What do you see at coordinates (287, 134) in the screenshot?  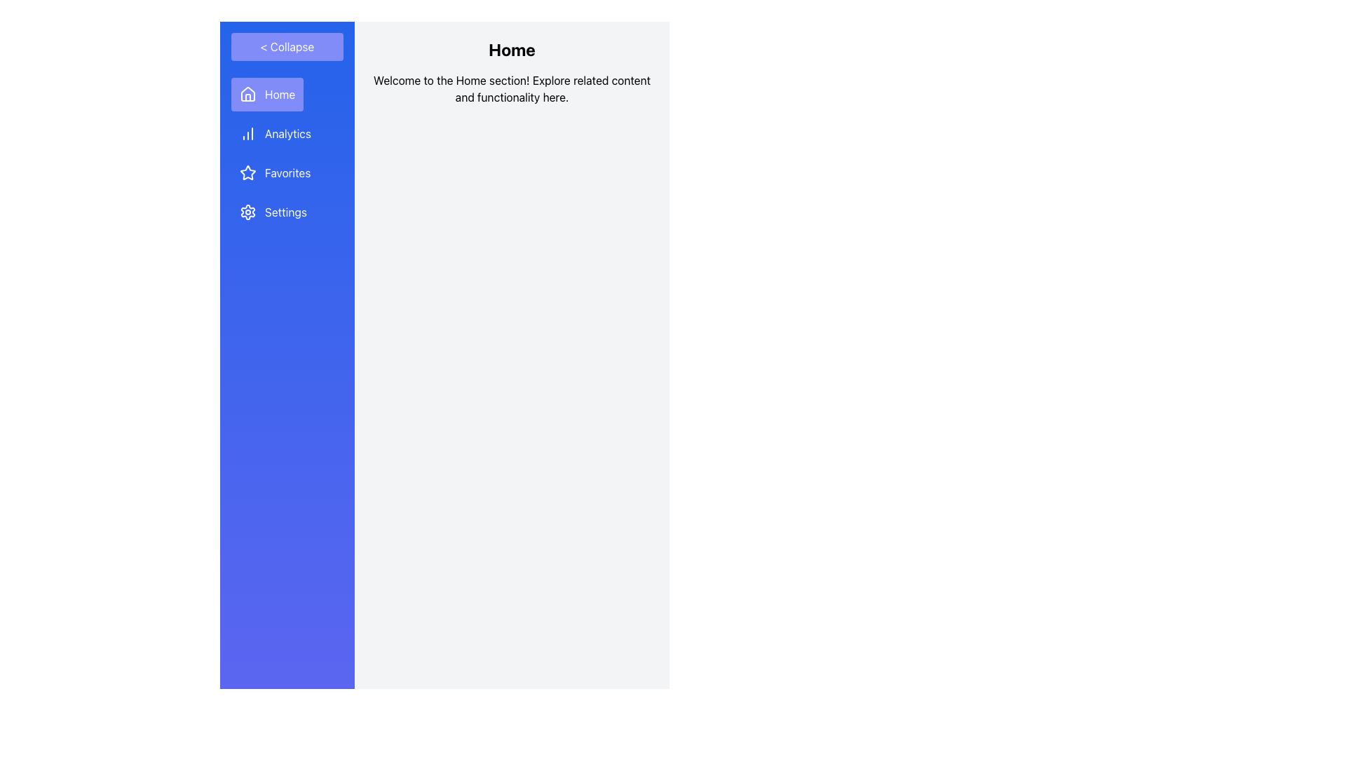 I see `the 'Analytics' text label in the left-hand navigation menu` at bounding box center [287, 134].